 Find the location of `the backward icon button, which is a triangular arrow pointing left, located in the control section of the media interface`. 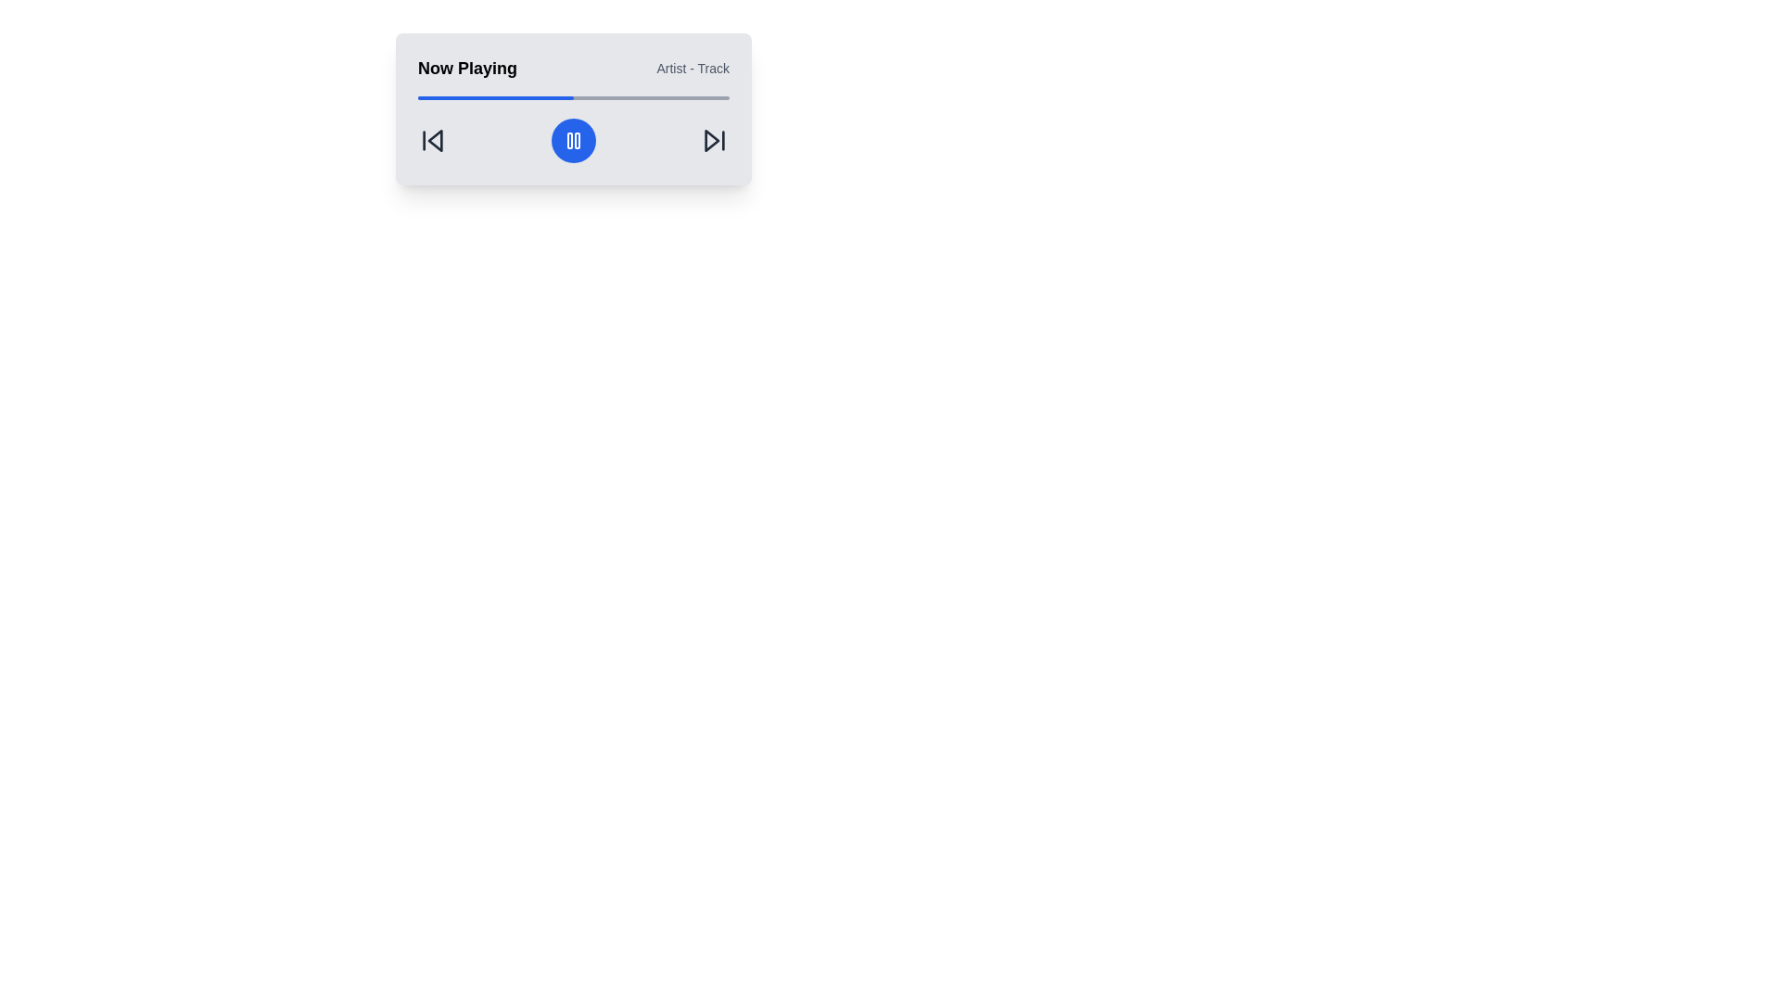

the backward icon button, which is a triangular arrow pointing left, located in the control section of the media interface is located at coordinates (431, 139).